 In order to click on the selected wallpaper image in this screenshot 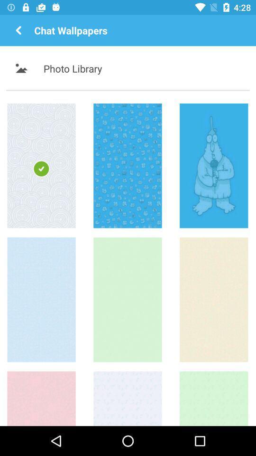, I will do `click(41, 165)`.